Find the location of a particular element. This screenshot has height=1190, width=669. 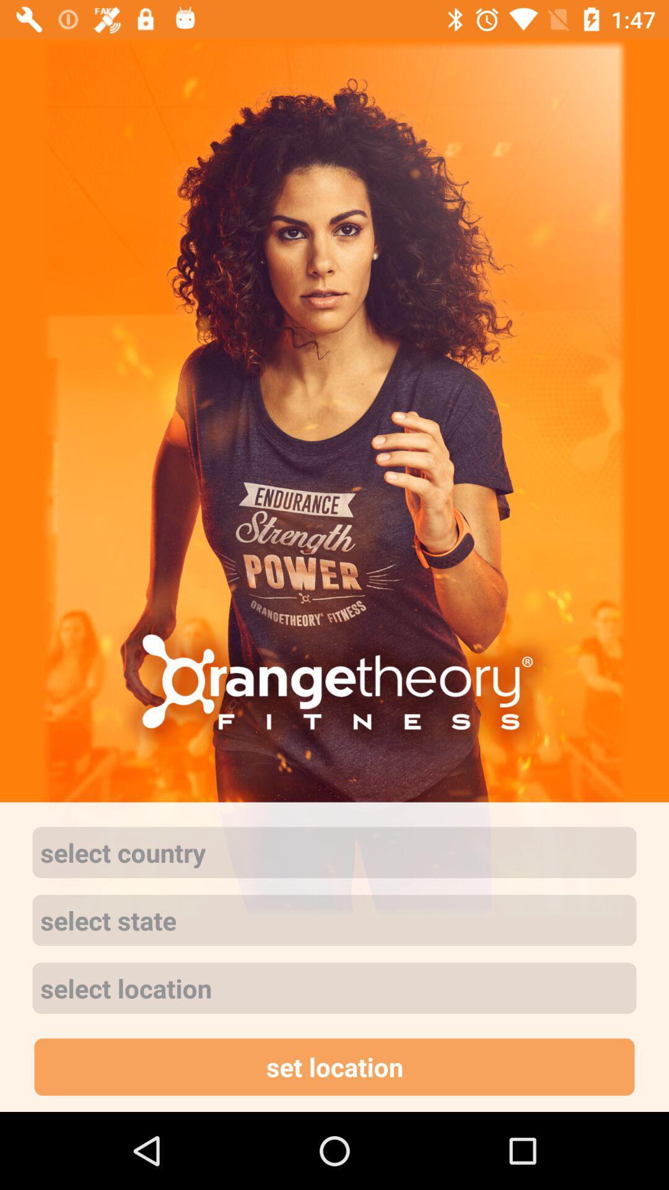

app below the select location icon is located at coordinates (334, 1066).